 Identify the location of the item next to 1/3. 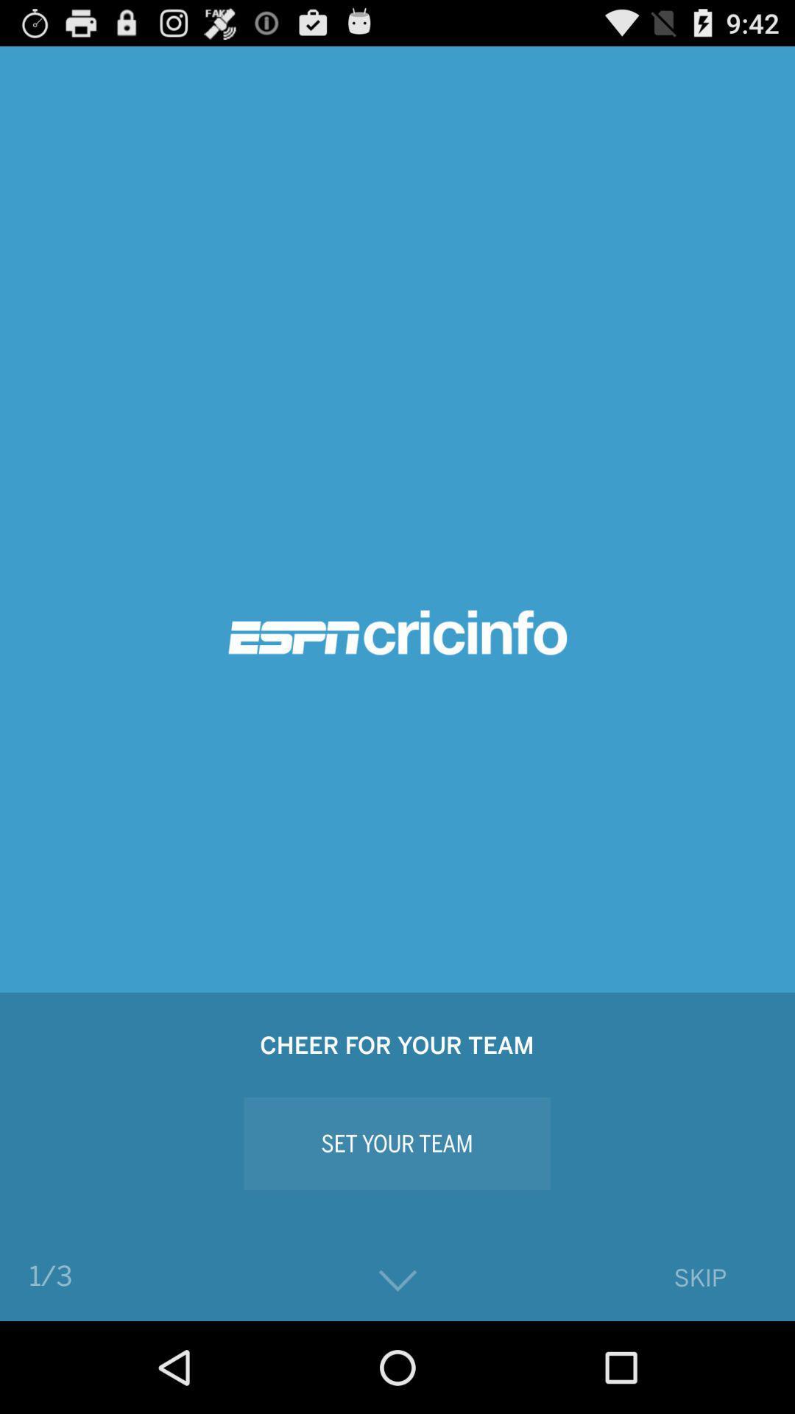
(397, 1280).